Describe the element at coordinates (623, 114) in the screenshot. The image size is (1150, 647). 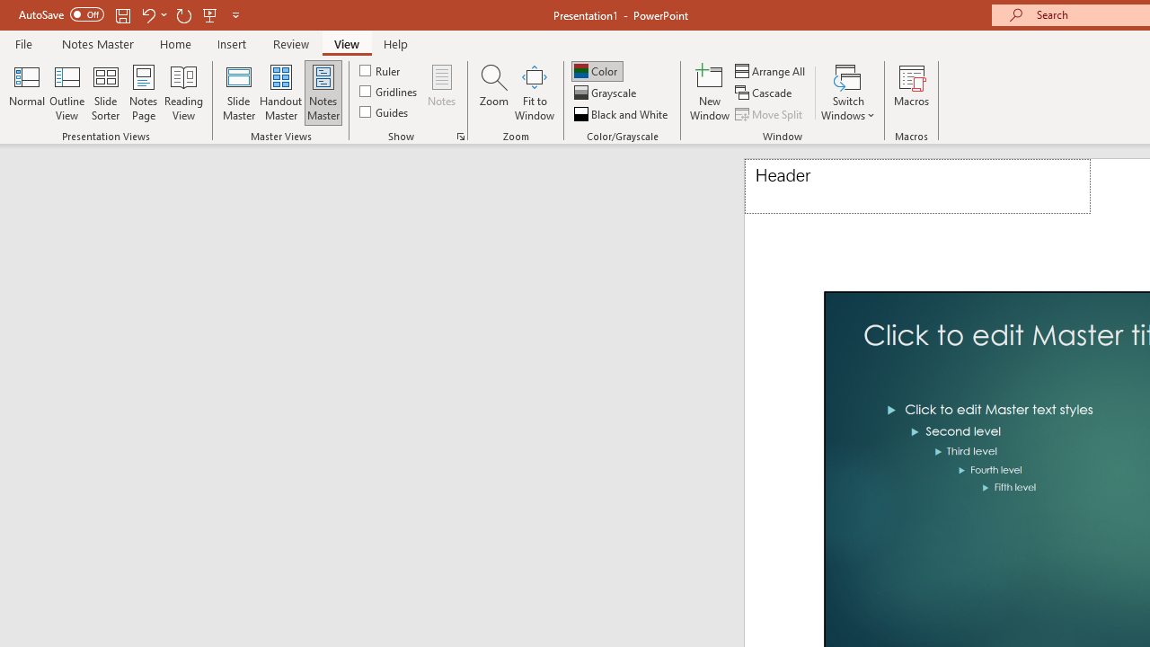
I see `'Black and White'` at that location.